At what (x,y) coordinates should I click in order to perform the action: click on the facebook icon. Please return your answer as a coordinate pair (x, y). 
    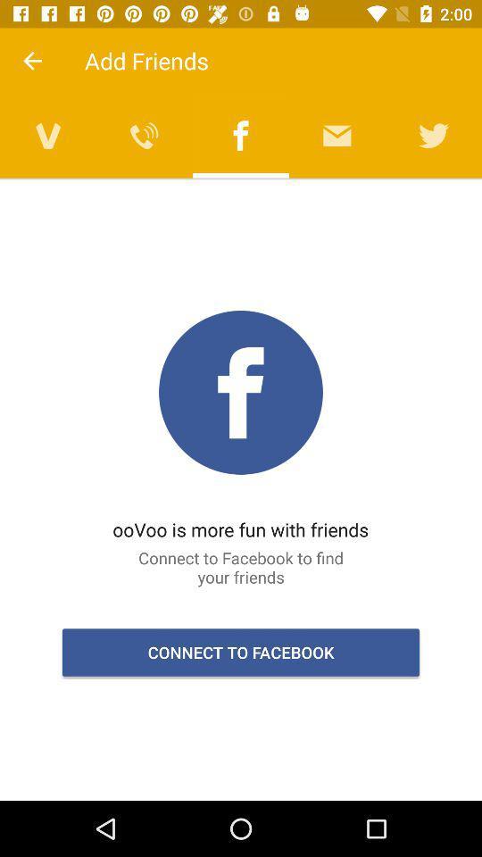
    Looking at the image, I should click on (241, 135).